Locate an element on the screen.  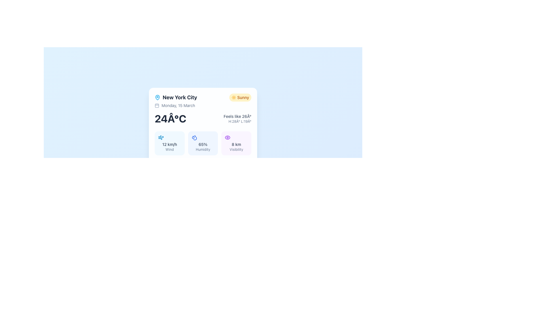
the date display label that shows 'Monday, 15 March' with a blue-gray calendar icon, located below the 'New York City' label is located at coordinates (176, 106).